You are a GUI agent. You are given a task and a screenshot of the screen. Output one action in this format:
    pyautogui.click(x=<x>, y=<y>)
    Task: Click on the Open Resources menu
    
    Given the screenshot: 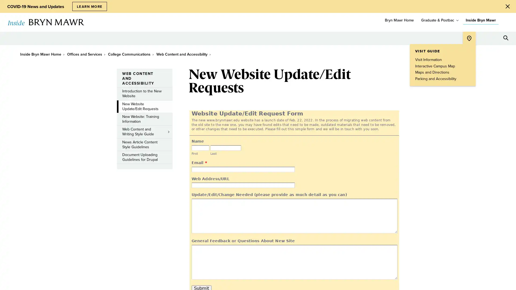 What is the action you would take?
    pyautogui.click(x=492, y=37)
    